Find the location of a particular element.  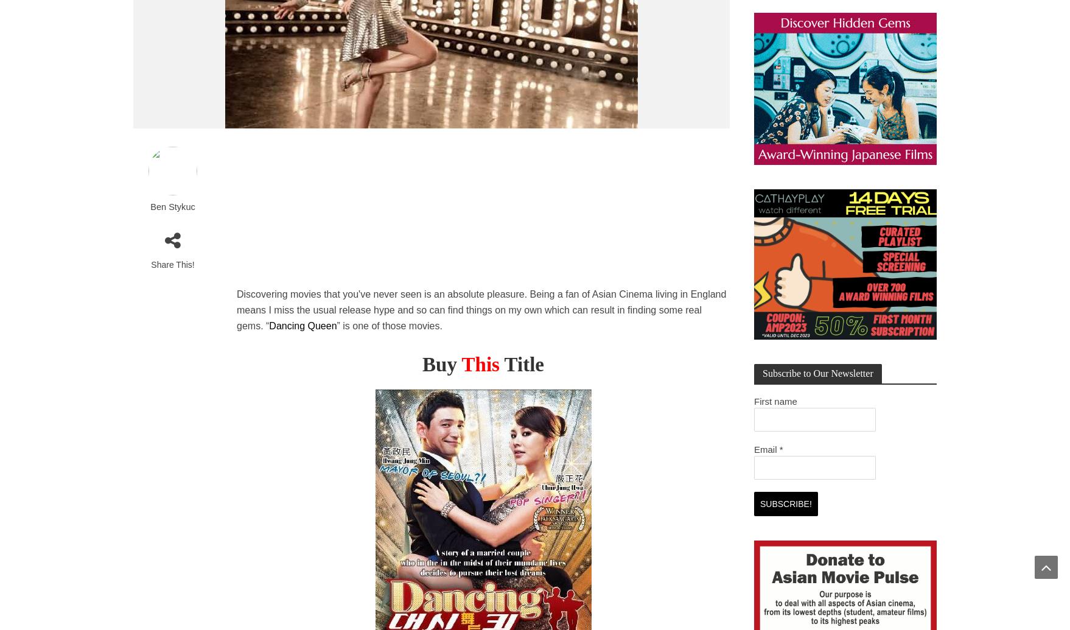

'Title' is located at coordinates (523, 363).